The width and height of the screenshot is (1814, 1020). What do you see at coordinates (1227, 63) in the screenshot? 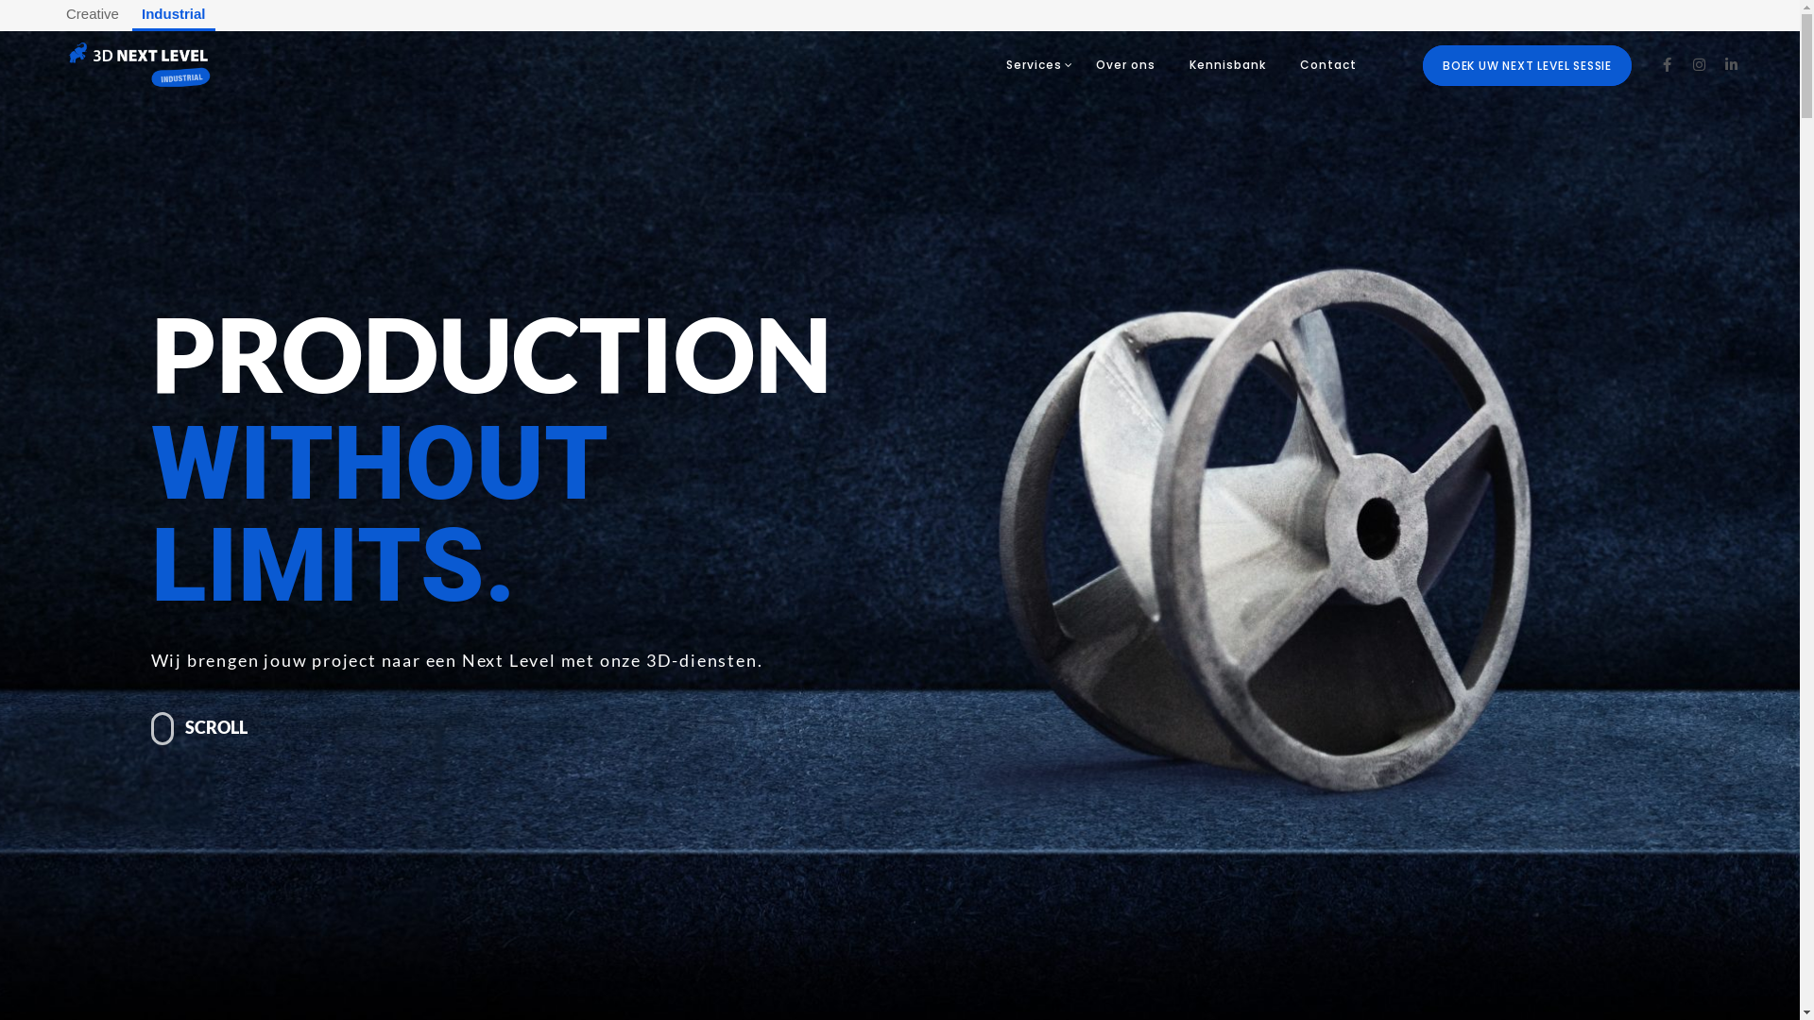
I see `'Kennisbank'` at bounding box center [1227, 63].